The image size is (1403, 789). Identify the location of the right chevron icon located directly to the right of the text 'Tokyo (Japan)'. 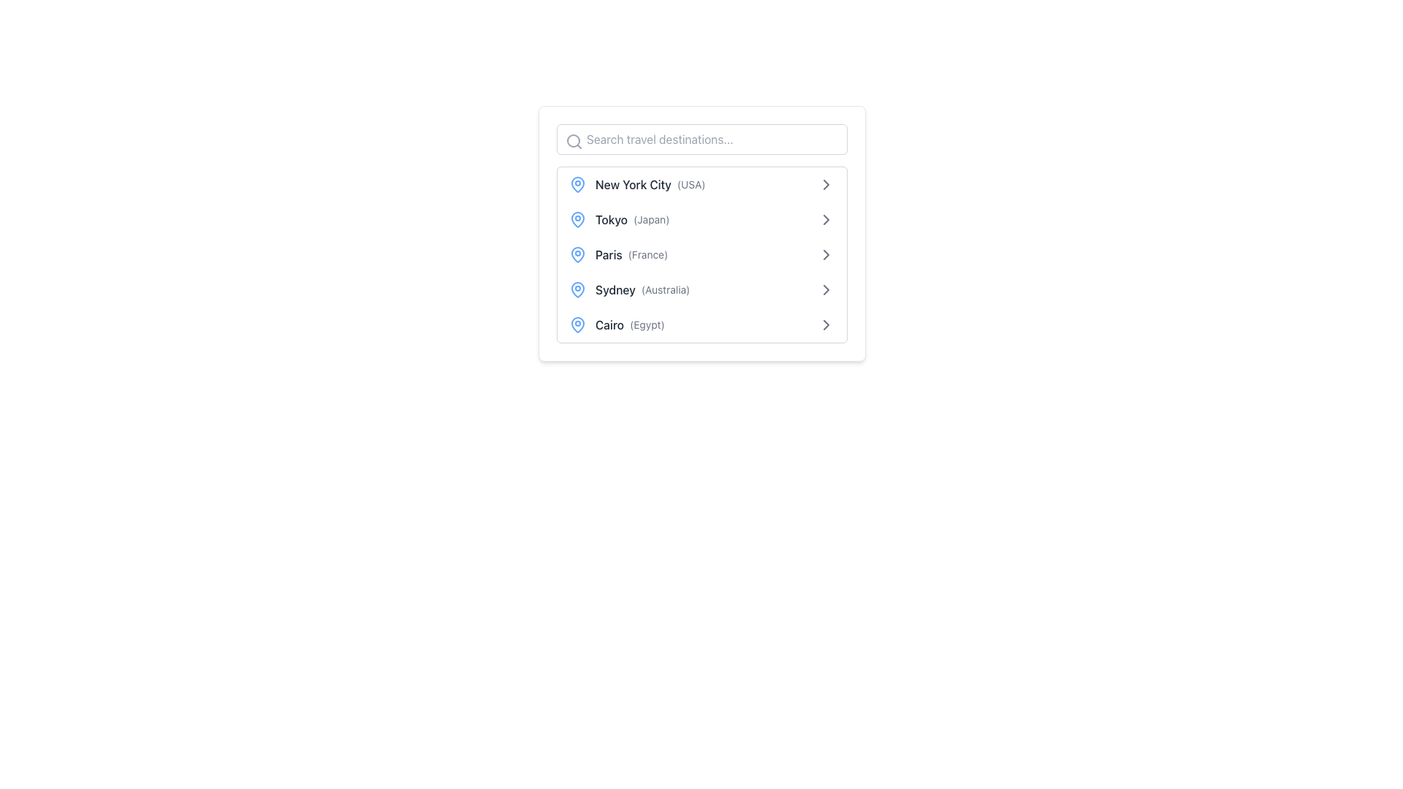
(826, 219).